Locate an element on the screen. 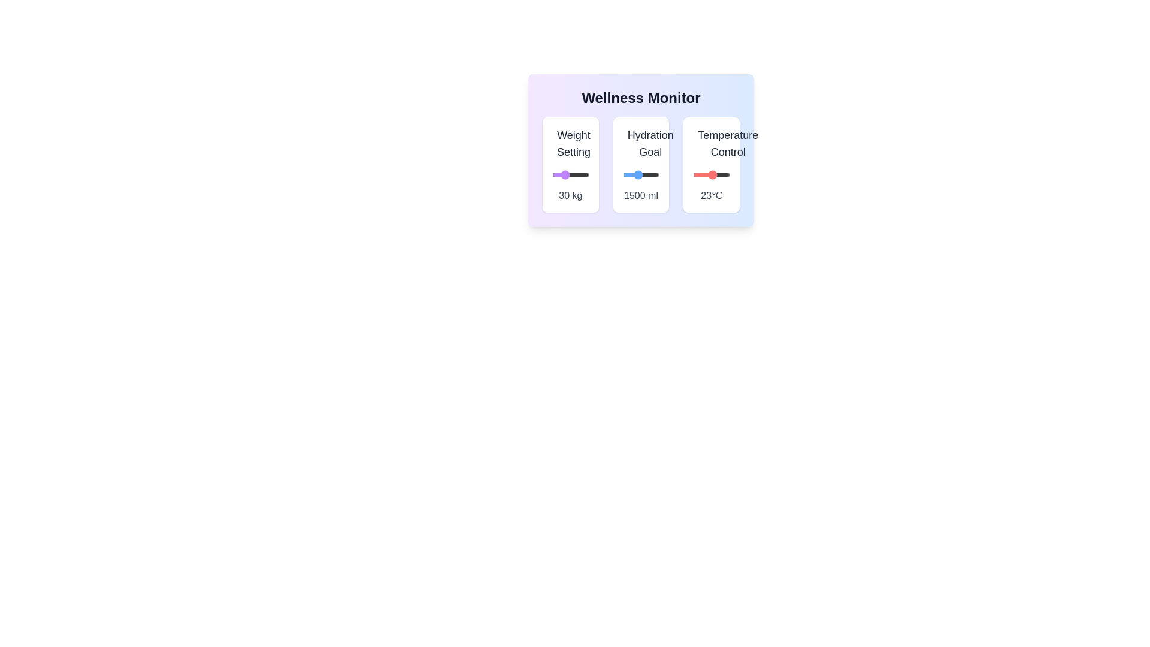  the SVG icon element represented as a stylized droplet located in the 'Hydration Goal' card under the 'Wellness Monitor' title is located at coordinates (629, 143).